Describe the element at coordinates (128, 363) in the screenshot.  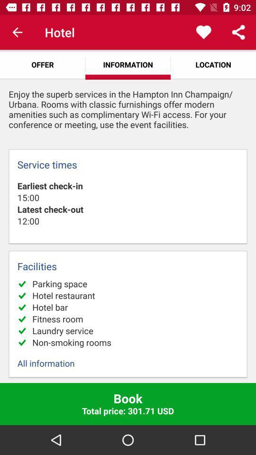
I see `all information item` at that location.